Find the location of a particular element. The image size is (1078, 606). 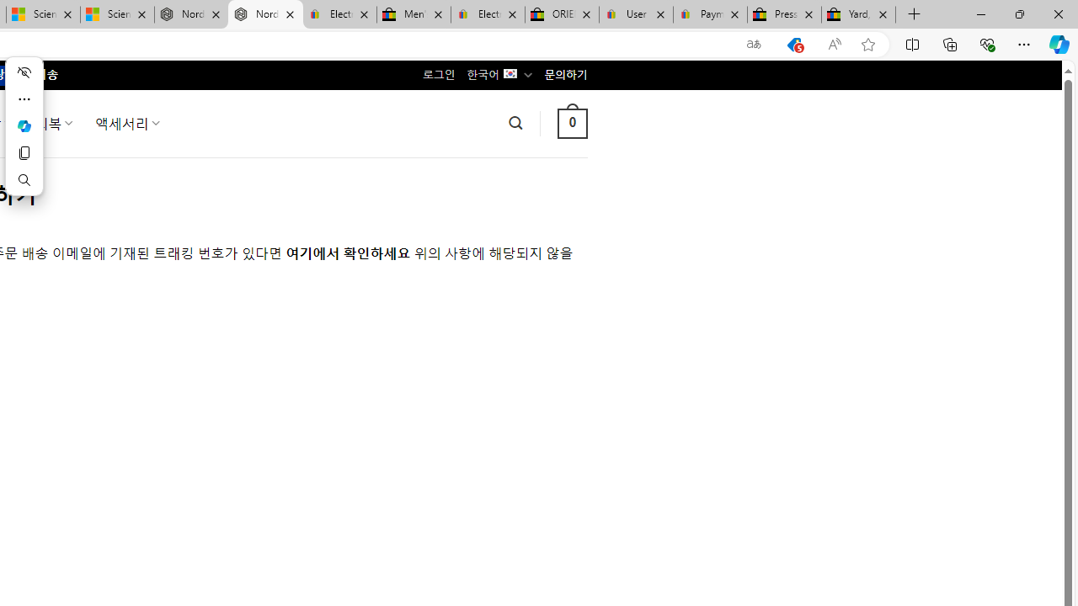

'Split screen' is located at coordinates (911, 43).